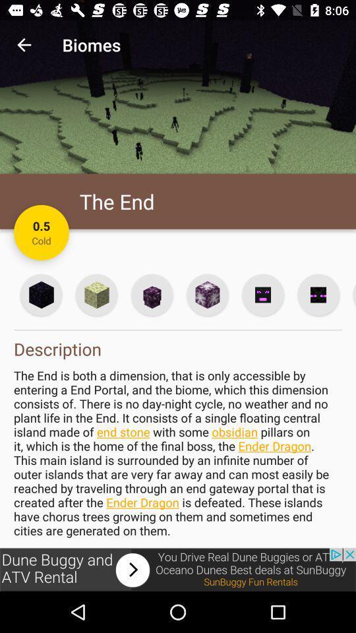 Image resolution: width=356 pixels, height=633 pixels. What do you see at coordinates (178, 569) in the screenshot?
I see `click advertisement` at bounding box center [178, 569].